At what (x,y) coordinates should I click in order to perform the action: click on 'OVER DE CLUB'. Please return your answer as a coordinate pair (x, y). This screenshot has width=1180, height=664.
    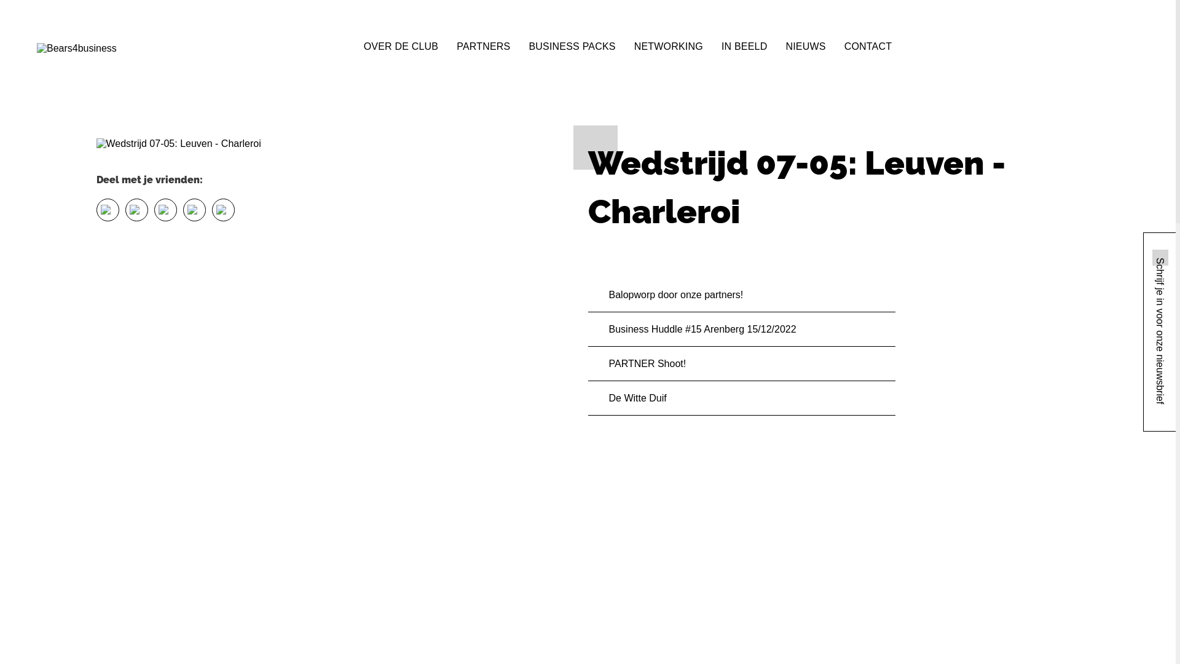
    Looking at the image, I should click on (401, 45).